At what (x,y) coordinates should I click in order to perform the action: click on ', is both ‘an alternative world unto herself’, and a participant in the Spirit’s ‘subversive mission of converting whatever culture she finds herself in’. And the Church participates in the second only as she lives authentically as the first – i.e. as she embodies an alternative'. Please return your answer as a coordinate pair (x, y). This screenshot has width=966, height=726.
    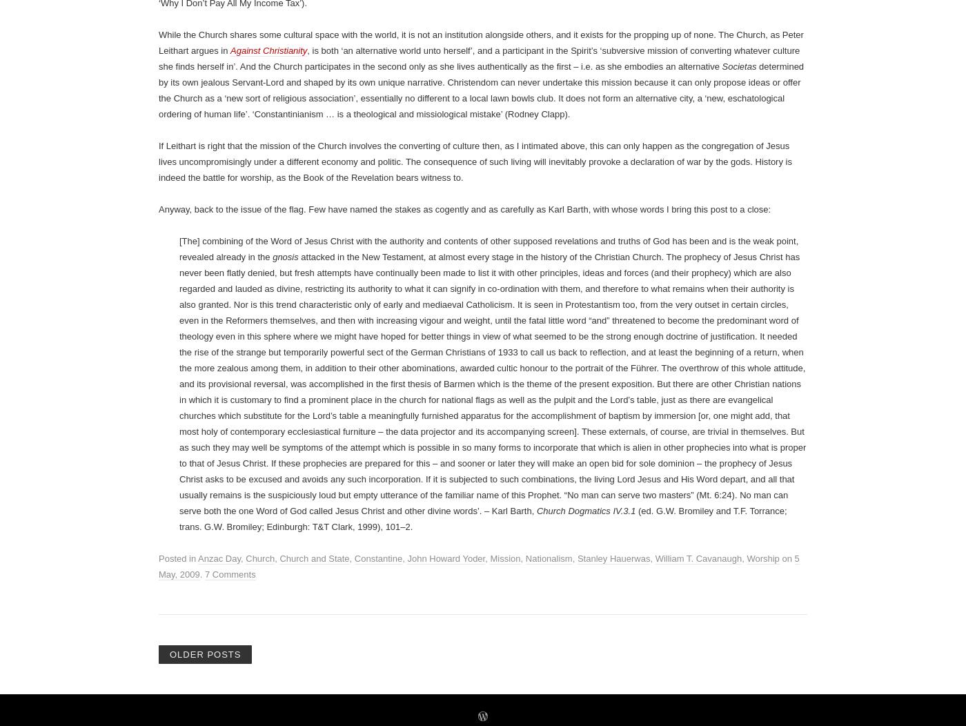
    Looking at the image, I should click on (479, 587).